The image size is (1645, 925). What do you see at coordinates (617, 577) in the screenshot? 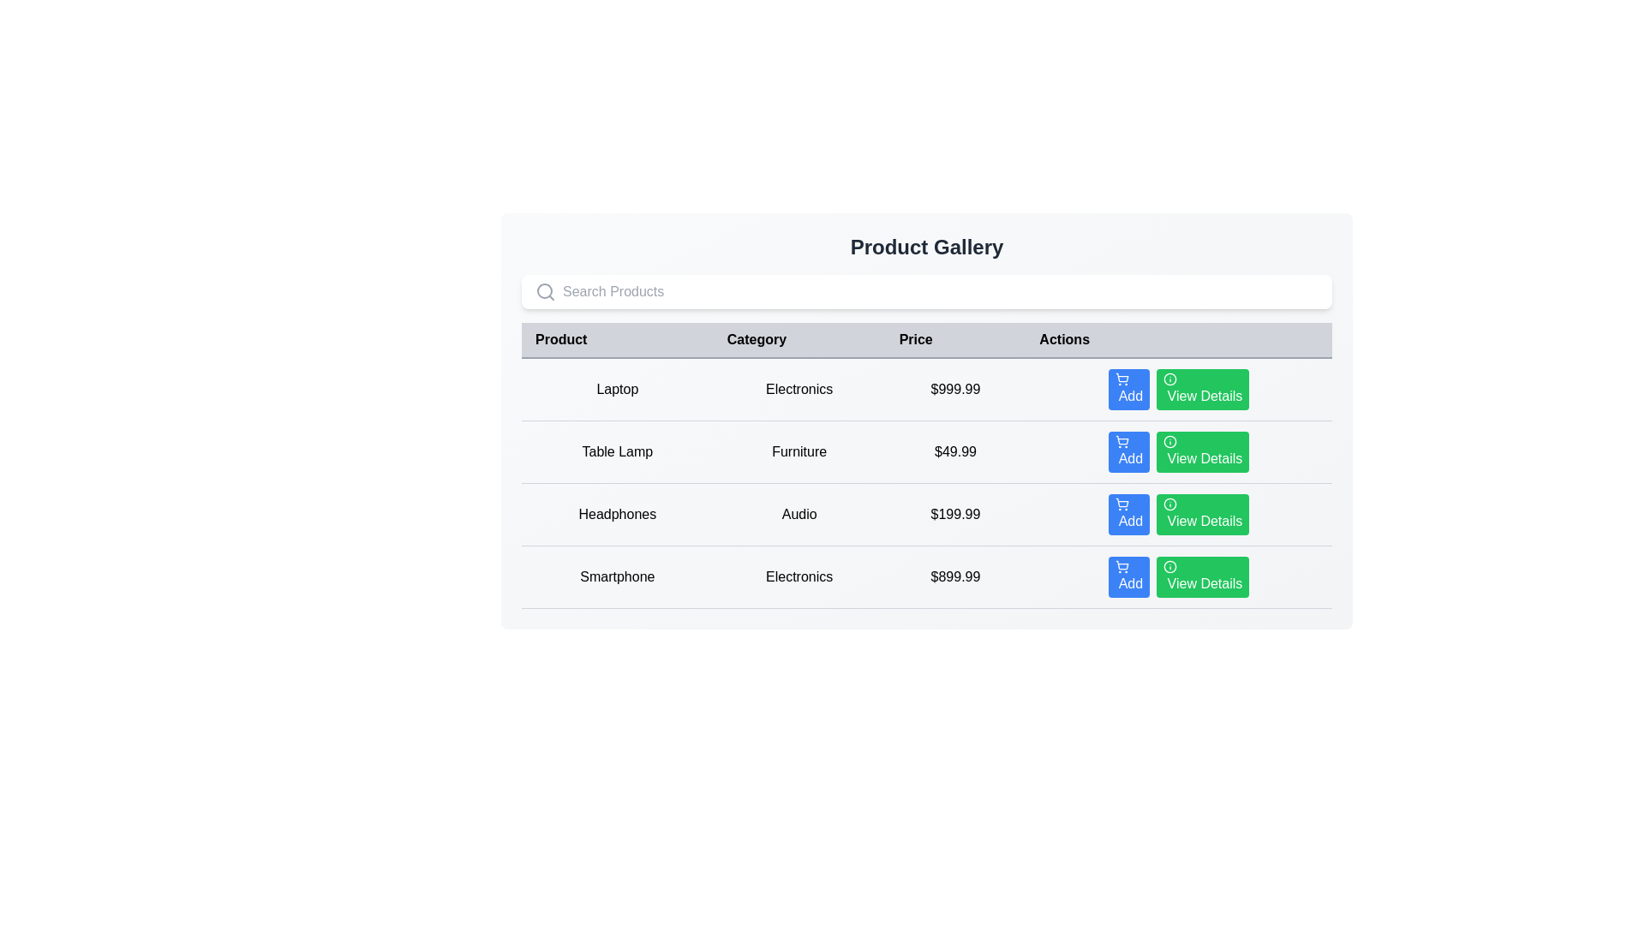
I see `the 'Smartphone' label, which is a text label styled with center alignment located in the first column under the 'Product' header in the fourth row of a tabular list` at bounding box center [617, 577].